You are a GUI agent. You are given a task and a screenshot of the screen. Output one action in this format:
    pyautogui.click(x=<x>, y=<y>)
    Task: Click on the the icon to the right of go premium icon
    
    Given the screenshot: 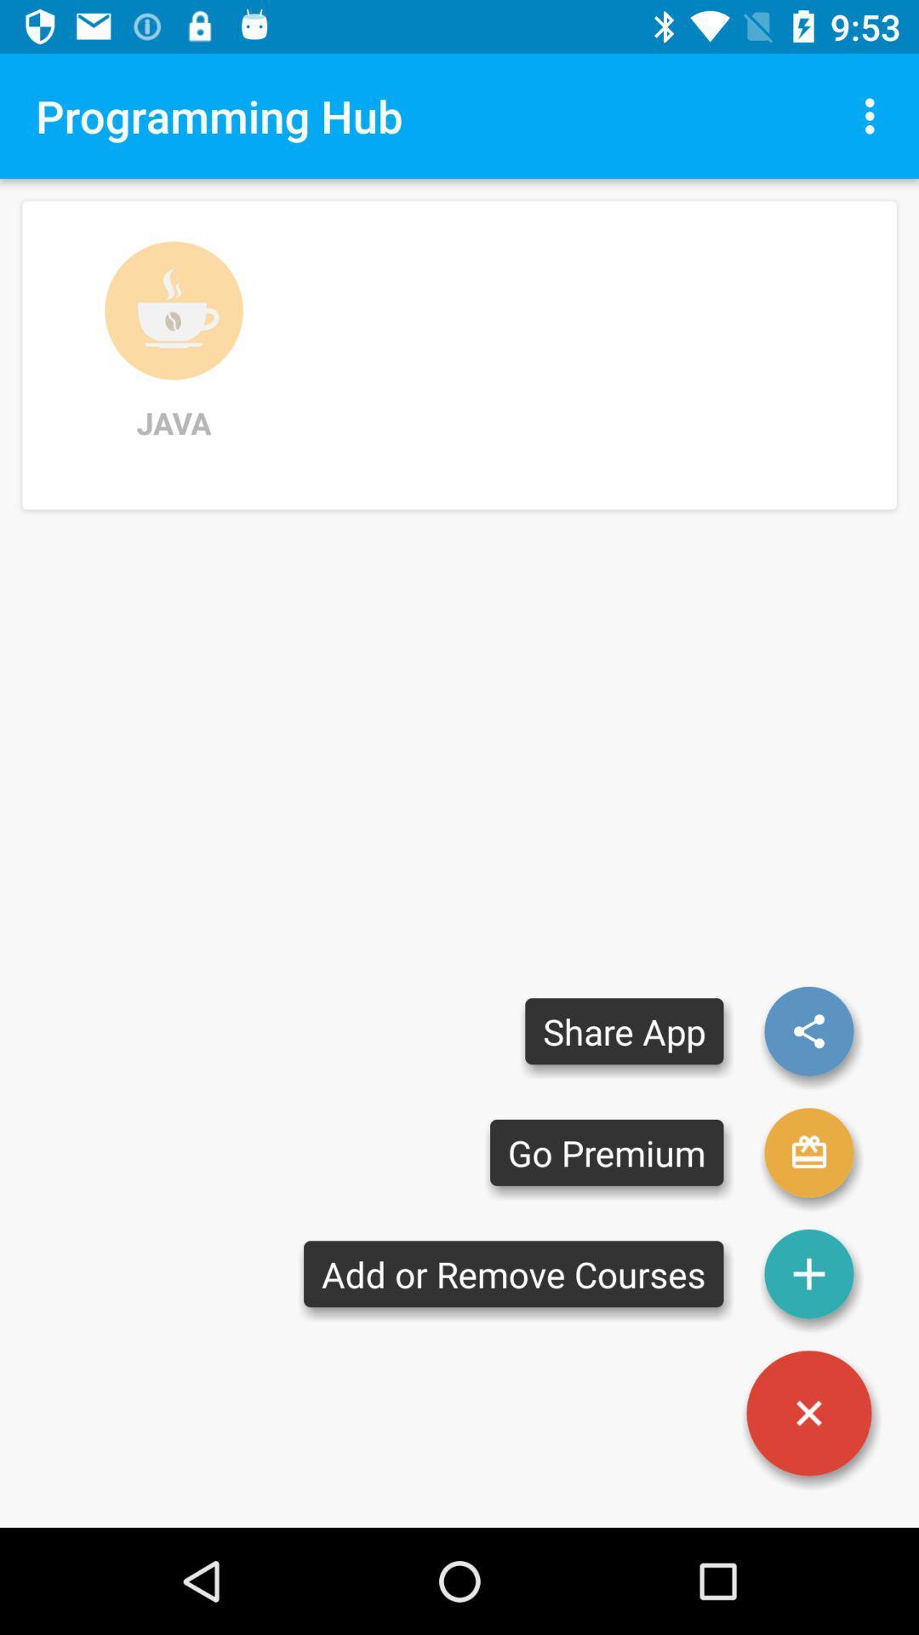 What is the action you would take?
    pyautogui.click(x=808, y=1274)
    